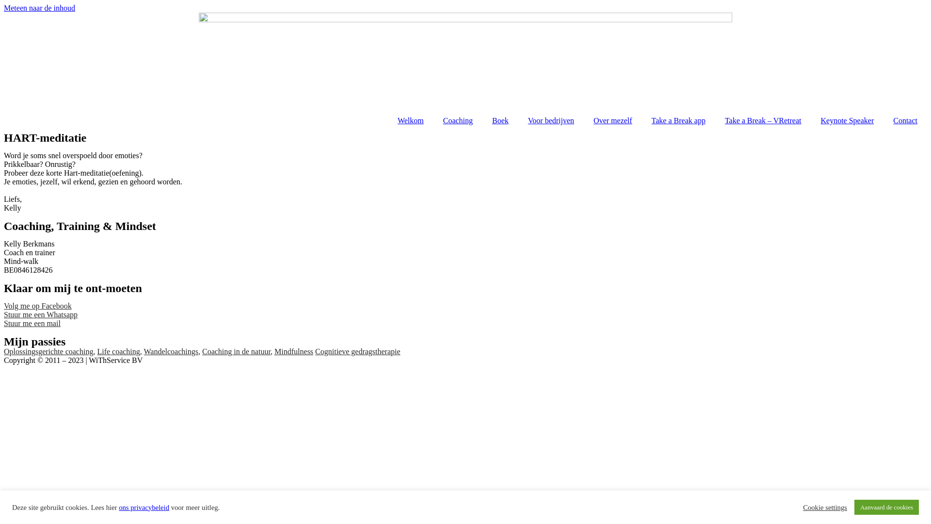 This screenshot has width=931, height=524. What do you see at coordinates (824, 507) in the screenshot?
I see `'Cookie settings'` at bounding box center [824, 507].